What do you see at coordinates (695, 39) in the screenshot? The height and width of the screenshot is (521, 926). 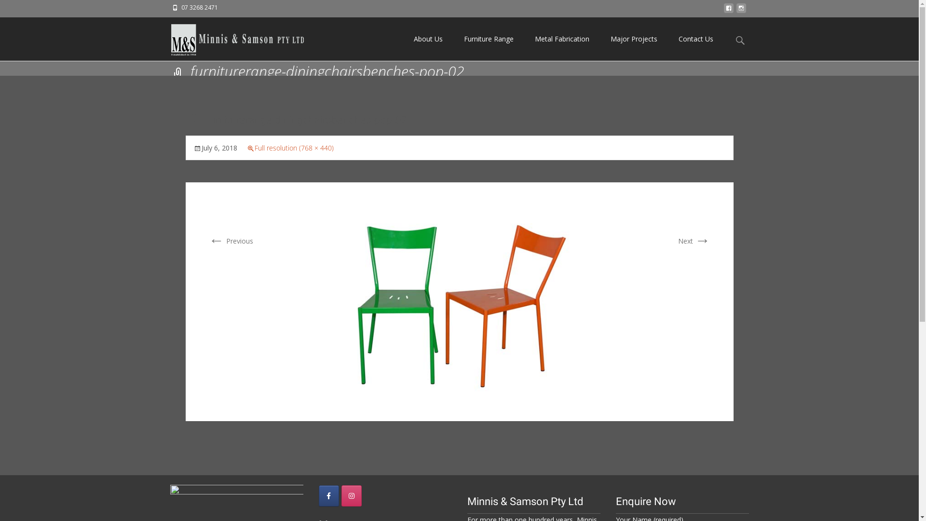 I see `'Contact Us'` at bounding box center [695, 39].